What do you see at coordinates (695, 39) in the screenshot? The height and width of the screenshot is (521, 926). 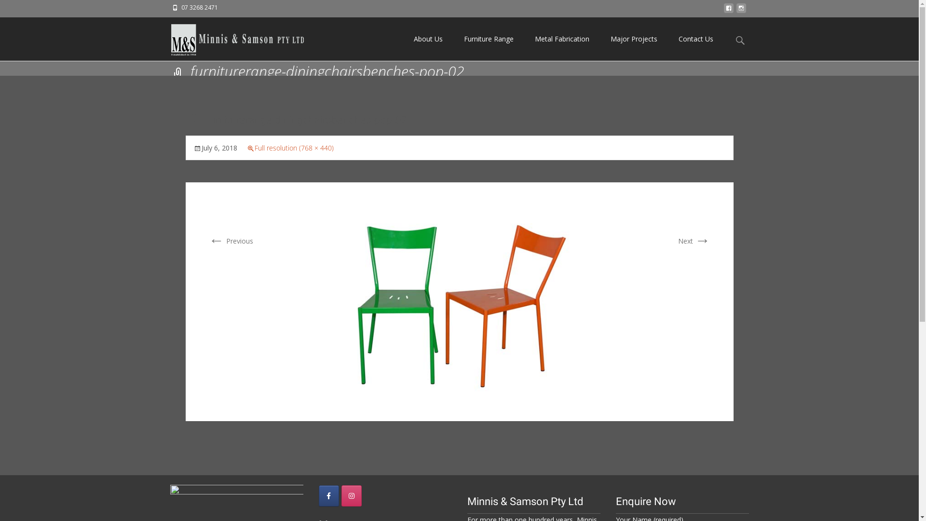 I see `'Contact Us'` at bounding box center [695, 39].